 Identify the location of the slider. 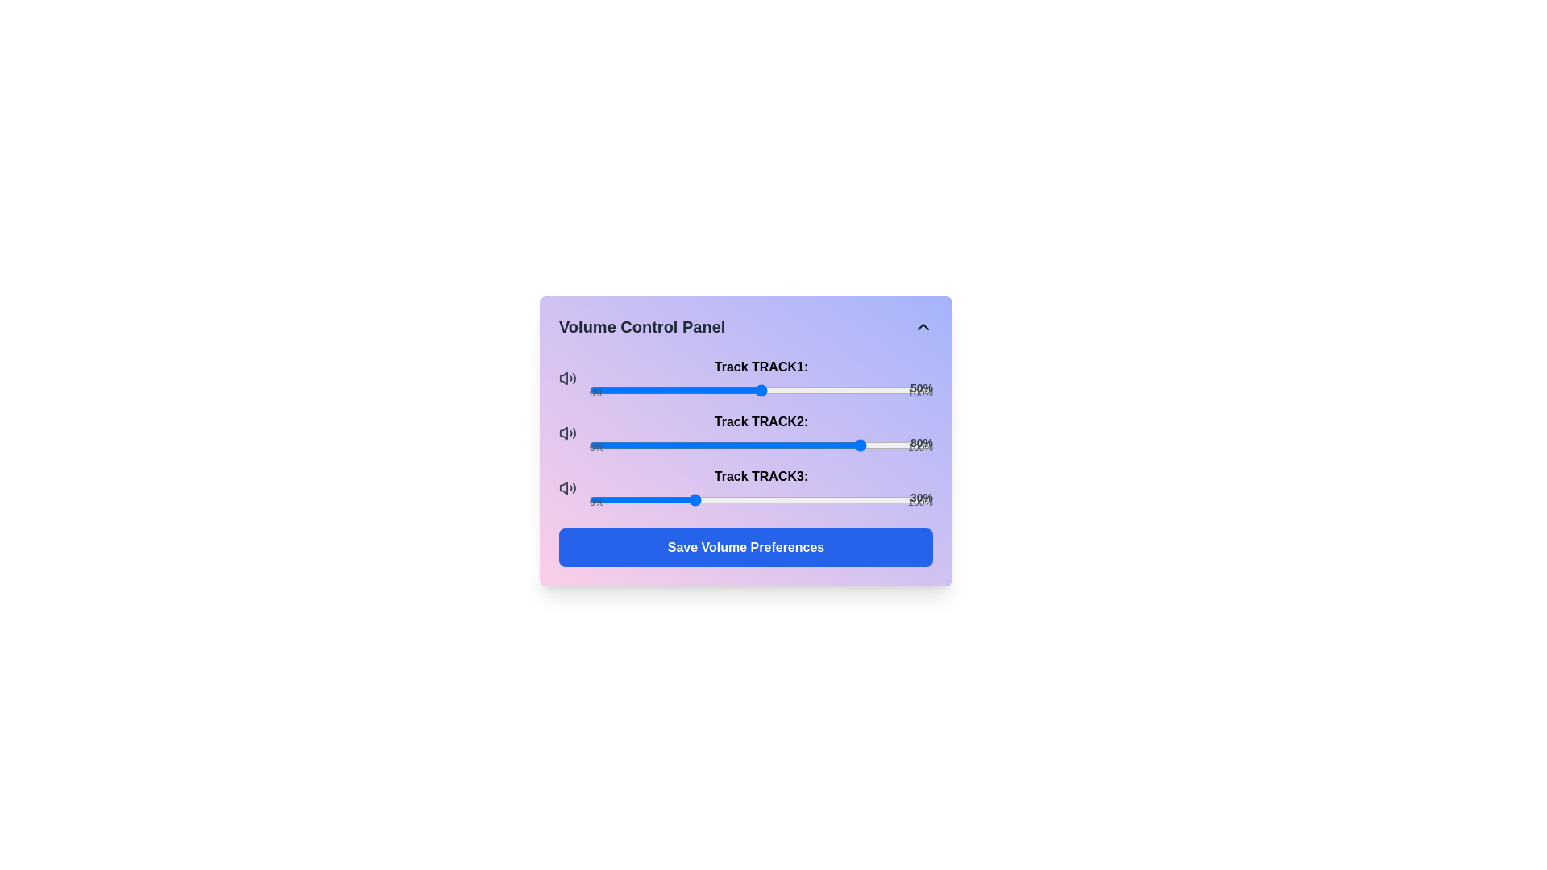
(919, 391).